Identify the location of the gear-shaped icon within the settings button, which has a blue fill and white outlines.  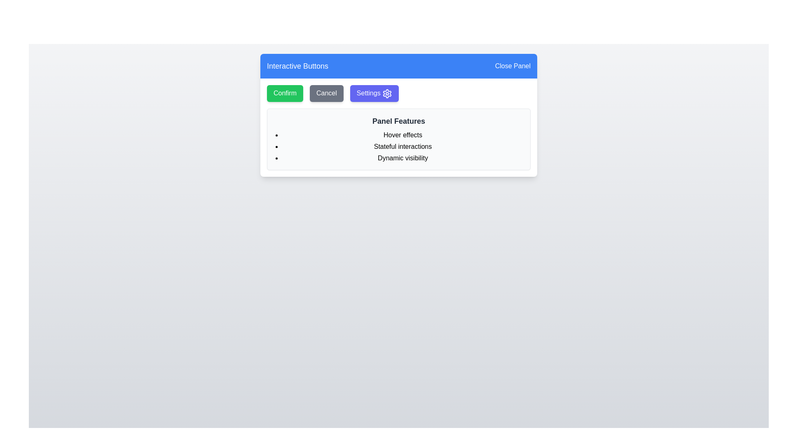
(386, 93).